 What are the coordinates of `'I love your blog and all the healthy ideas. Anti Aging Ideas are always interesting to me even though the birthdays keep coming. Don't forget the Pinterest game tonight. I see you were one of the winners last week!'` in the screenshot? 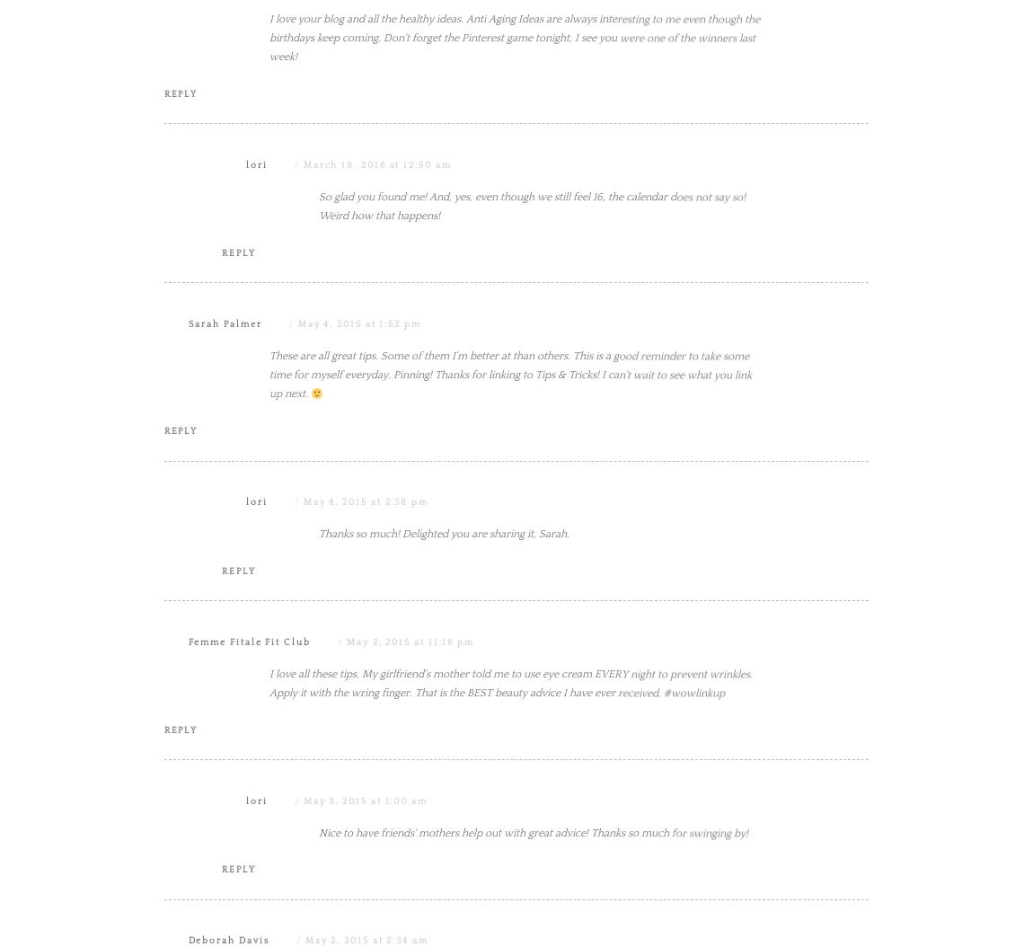 It's located at (515, 218).